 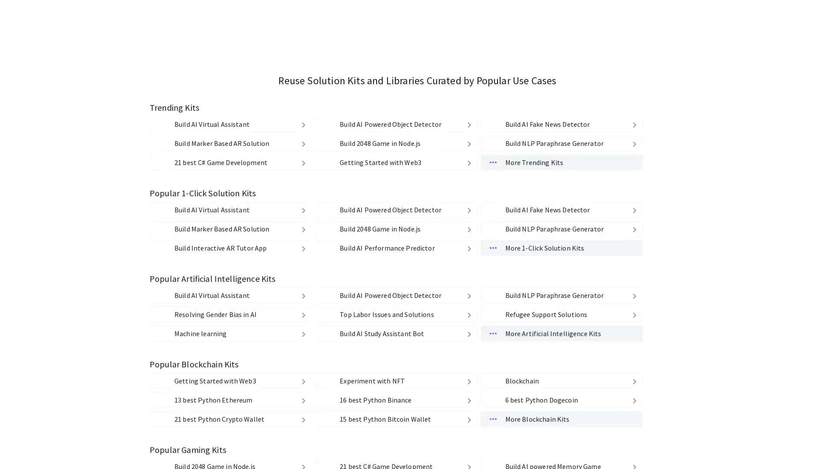 I want to click on delete, so click(x=634, y=343).